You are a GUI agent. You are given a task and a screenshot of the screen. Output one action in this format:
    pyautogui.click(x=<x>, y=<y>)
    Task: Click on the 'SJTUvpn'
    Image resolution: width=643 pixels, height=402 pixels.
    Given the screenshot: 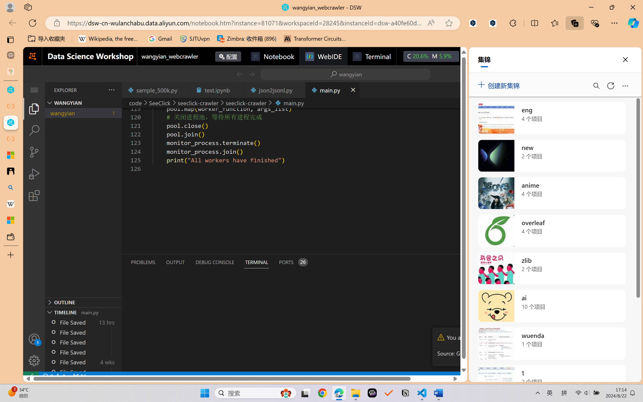 What is the action you would take?
    pyautogui.click(x=194, y=39)
    